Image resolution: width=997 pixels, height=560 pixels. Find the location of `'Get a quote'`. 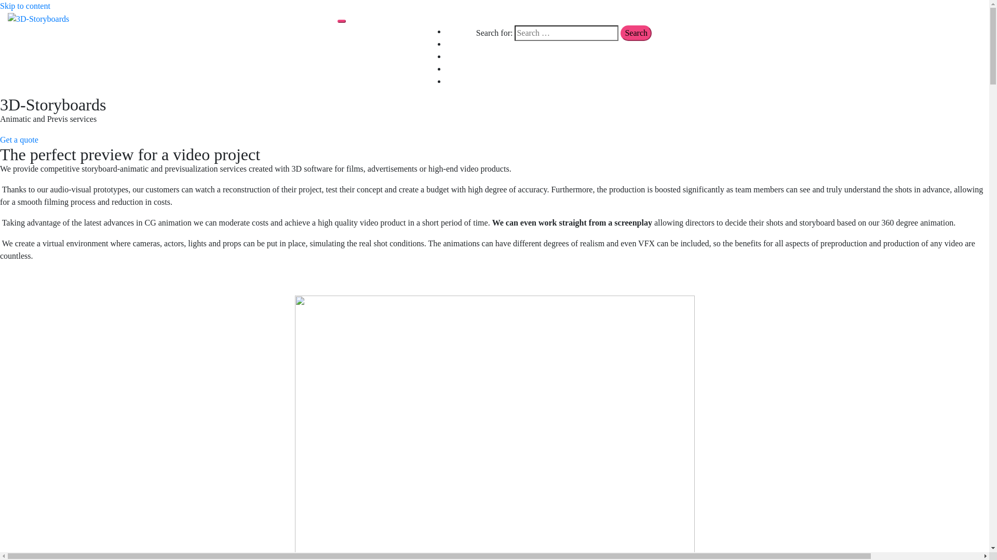

'Get a quote' is located at coordinates (19, 139).